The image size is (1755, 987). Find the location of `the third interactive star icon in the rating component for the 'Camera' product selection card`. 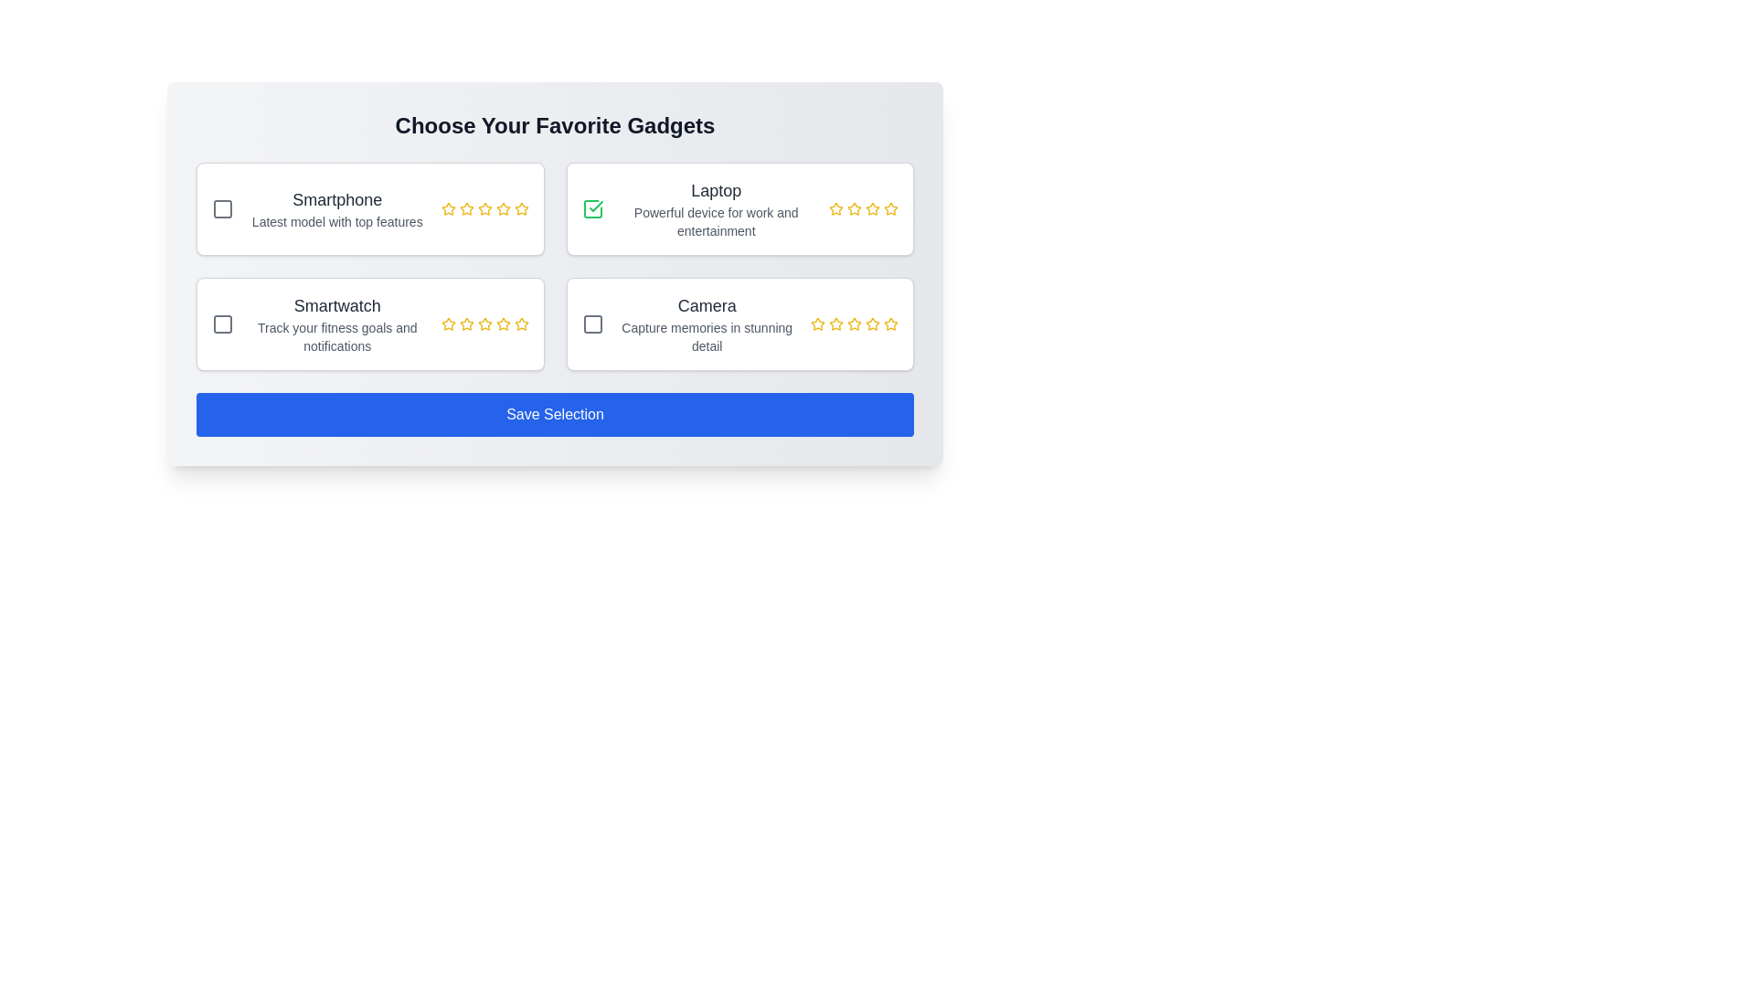

the third interactive star icon in the rating component for the 'Camera' product selection card is located at coordinates (854, 323).